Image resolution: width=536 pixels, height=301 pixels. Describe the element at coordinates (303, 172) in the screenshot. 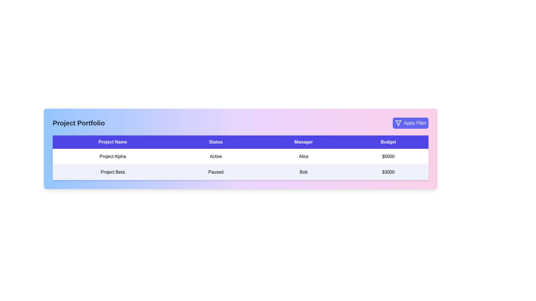

I see `the static text label displaying the manager's name for 'Project Beta'` at that location.